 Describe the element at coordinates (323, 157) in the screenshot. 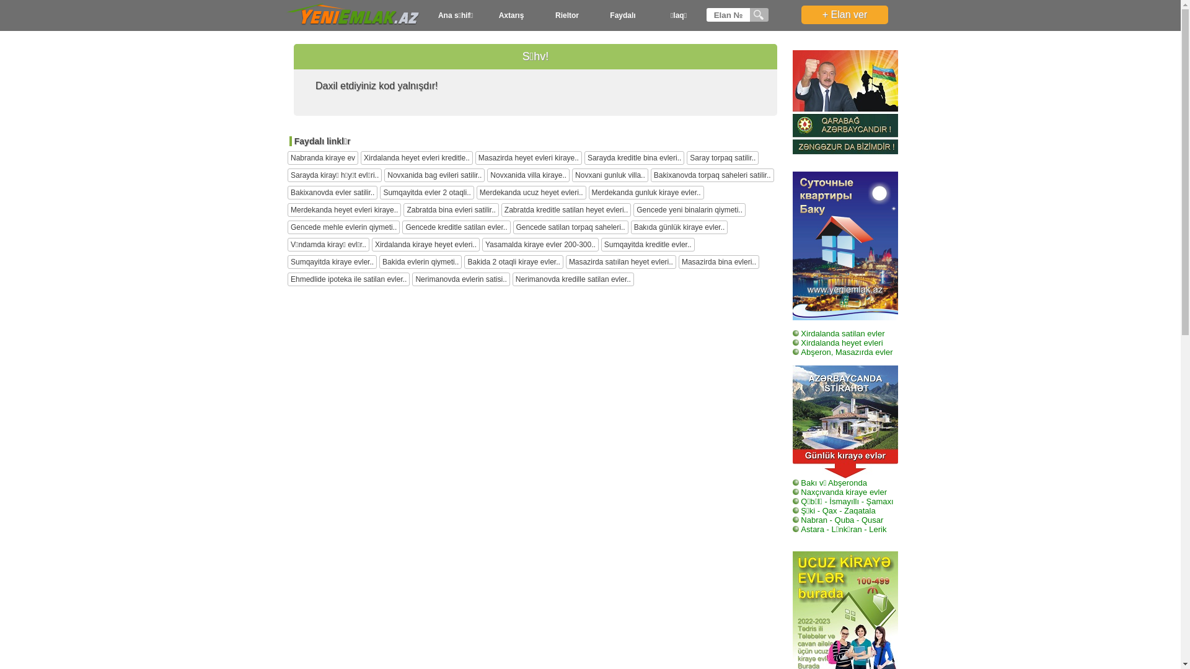

I see `'Nabranda kiraye ev'` at that location.